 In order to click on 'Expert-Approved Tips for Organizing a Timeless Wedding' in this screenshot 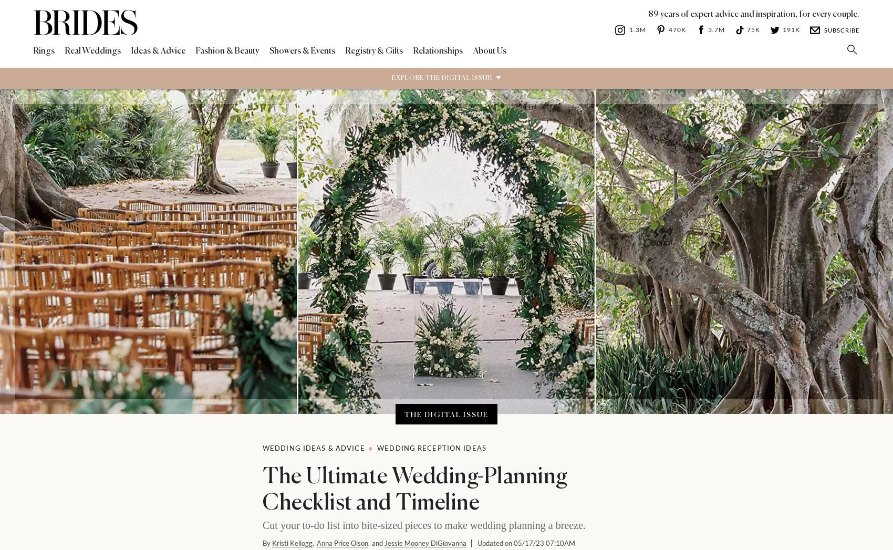, I will do `click(558, 322)`.